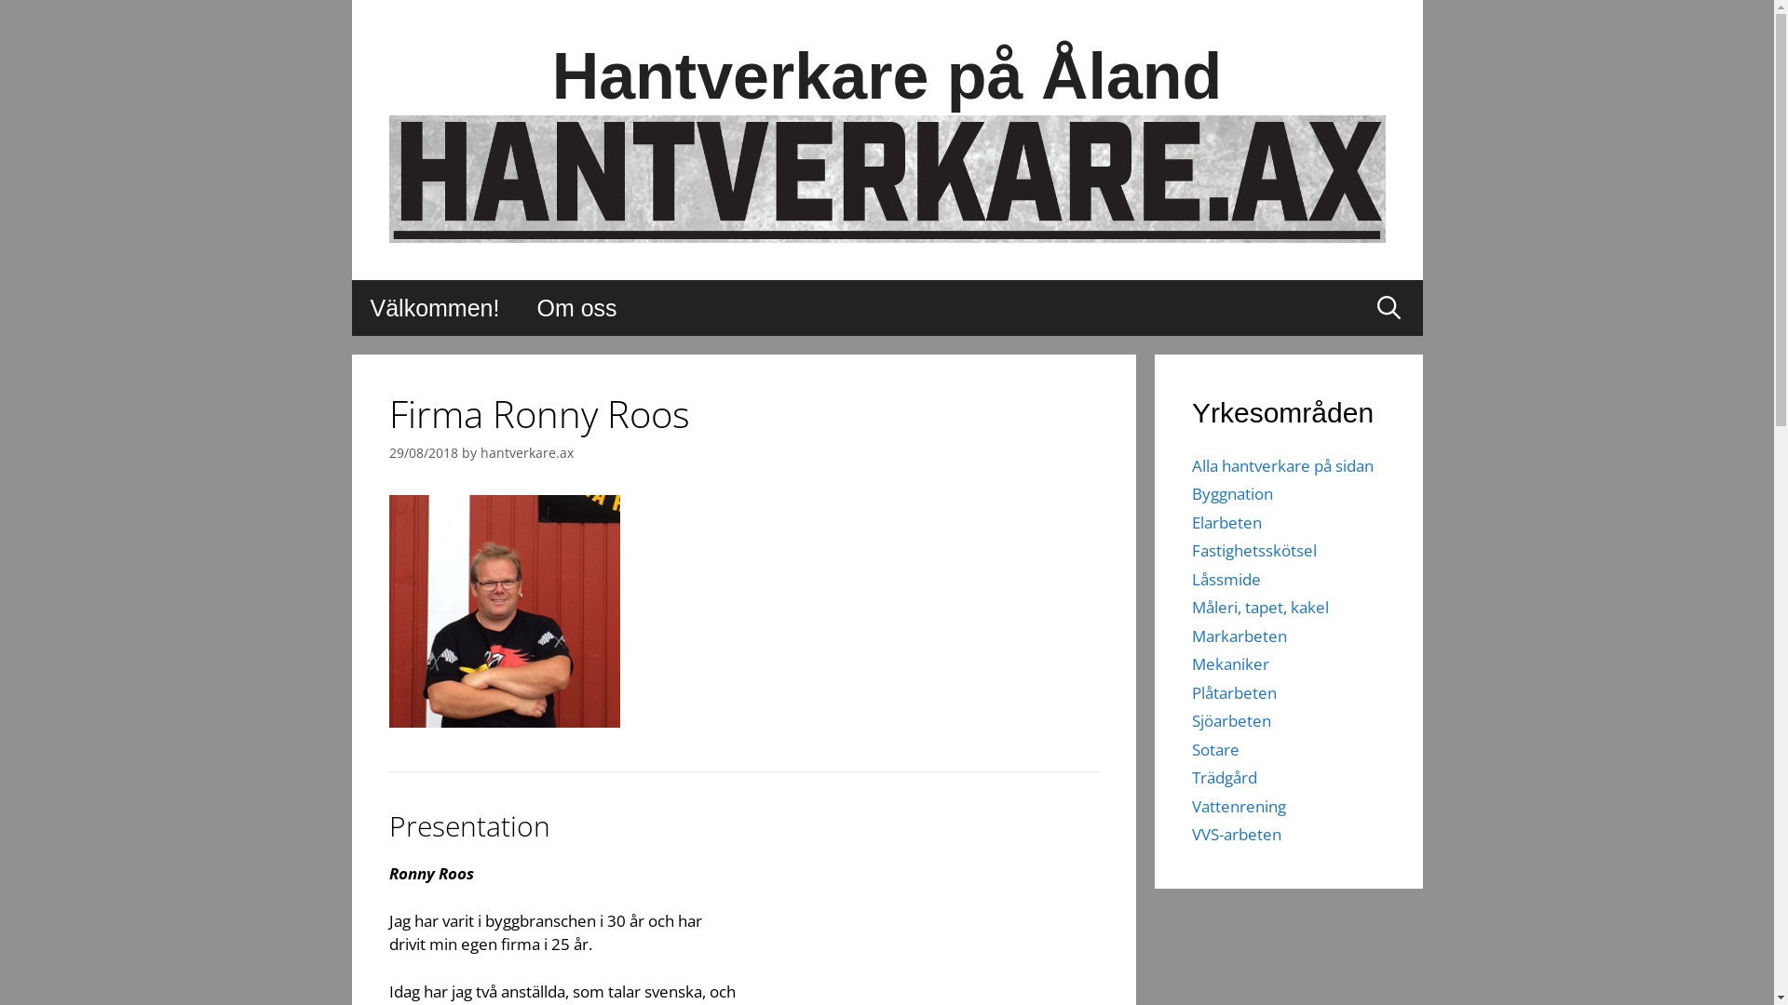 This screenshot has width=1788, height=1005. I want to click on 'Sotare', so click(1215, 748).